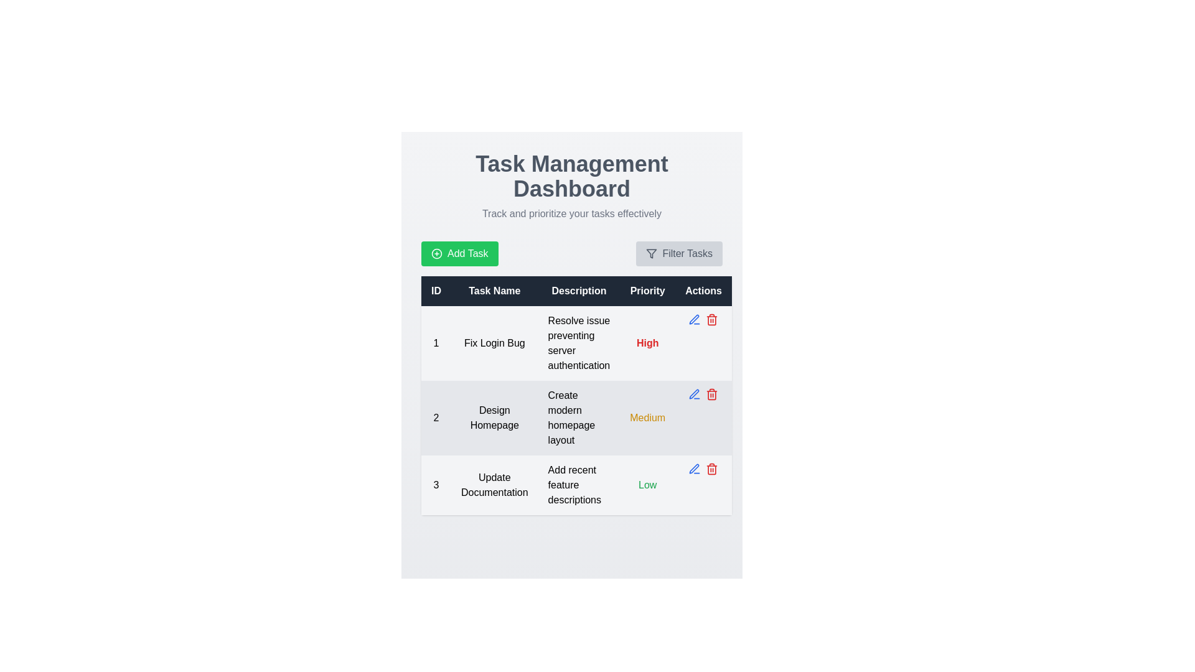 Image resolution: width=1195 pixels, height=672 pixels. What do you see at coordinates (494, 343) in the screenshot?
I see `the text label displaying 'Fix Login Bug' located in the second cell of the first row under the 'Task Name' column in the task management table` at bounding box center [494, 343].